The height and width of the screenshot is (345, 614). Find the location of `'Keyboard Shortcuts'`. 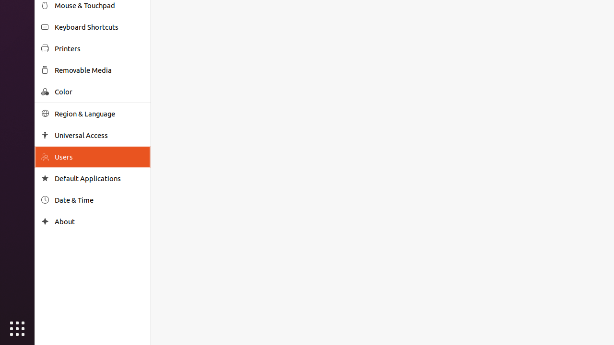

'Keyboard Shortcuts' is located at coordinates (99, 26).